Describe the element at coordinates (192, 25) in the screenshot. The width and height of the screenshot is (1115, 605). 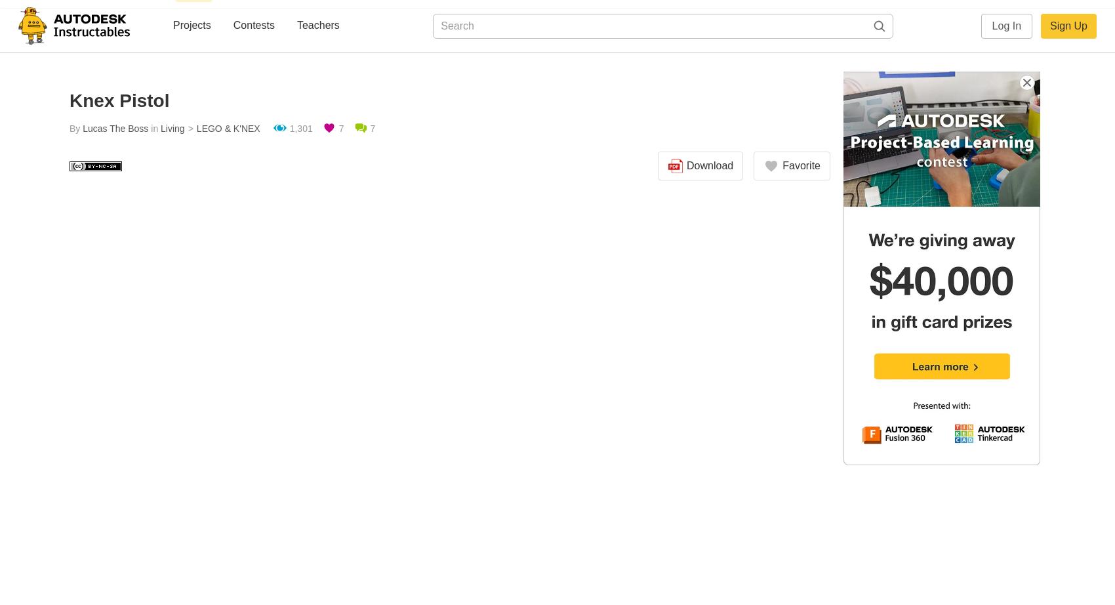
I see `'Projects'` at that location.